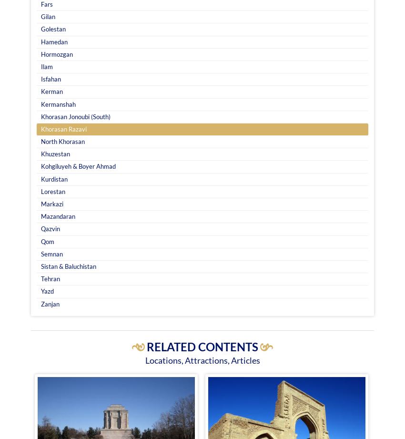  Describe the element at coordinates (40, 29) in the screenshot. I see `'Golestan'` at that location.